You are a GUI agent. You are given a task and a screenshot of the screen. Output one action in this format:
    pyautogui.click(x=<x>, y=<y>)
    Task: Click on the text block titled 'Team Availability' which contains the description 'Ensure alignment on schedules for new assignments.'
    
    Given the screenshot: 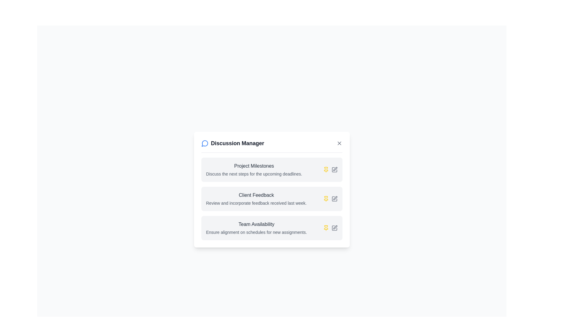 What is the action you would take?
    pyautogui.click(x=256, y=228)
    